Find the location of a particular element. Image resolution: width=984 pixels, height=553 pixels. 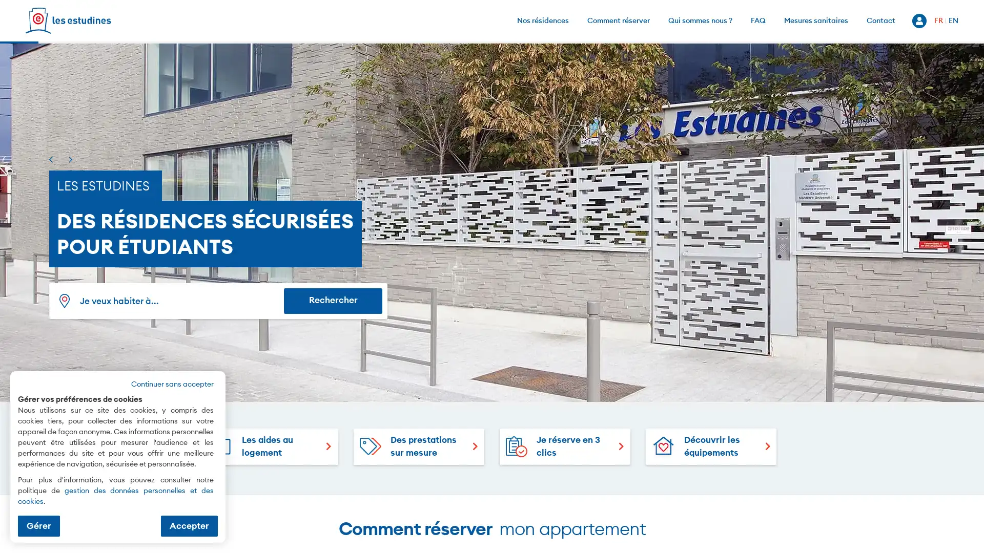

Next is located at coordinates (70, 159).